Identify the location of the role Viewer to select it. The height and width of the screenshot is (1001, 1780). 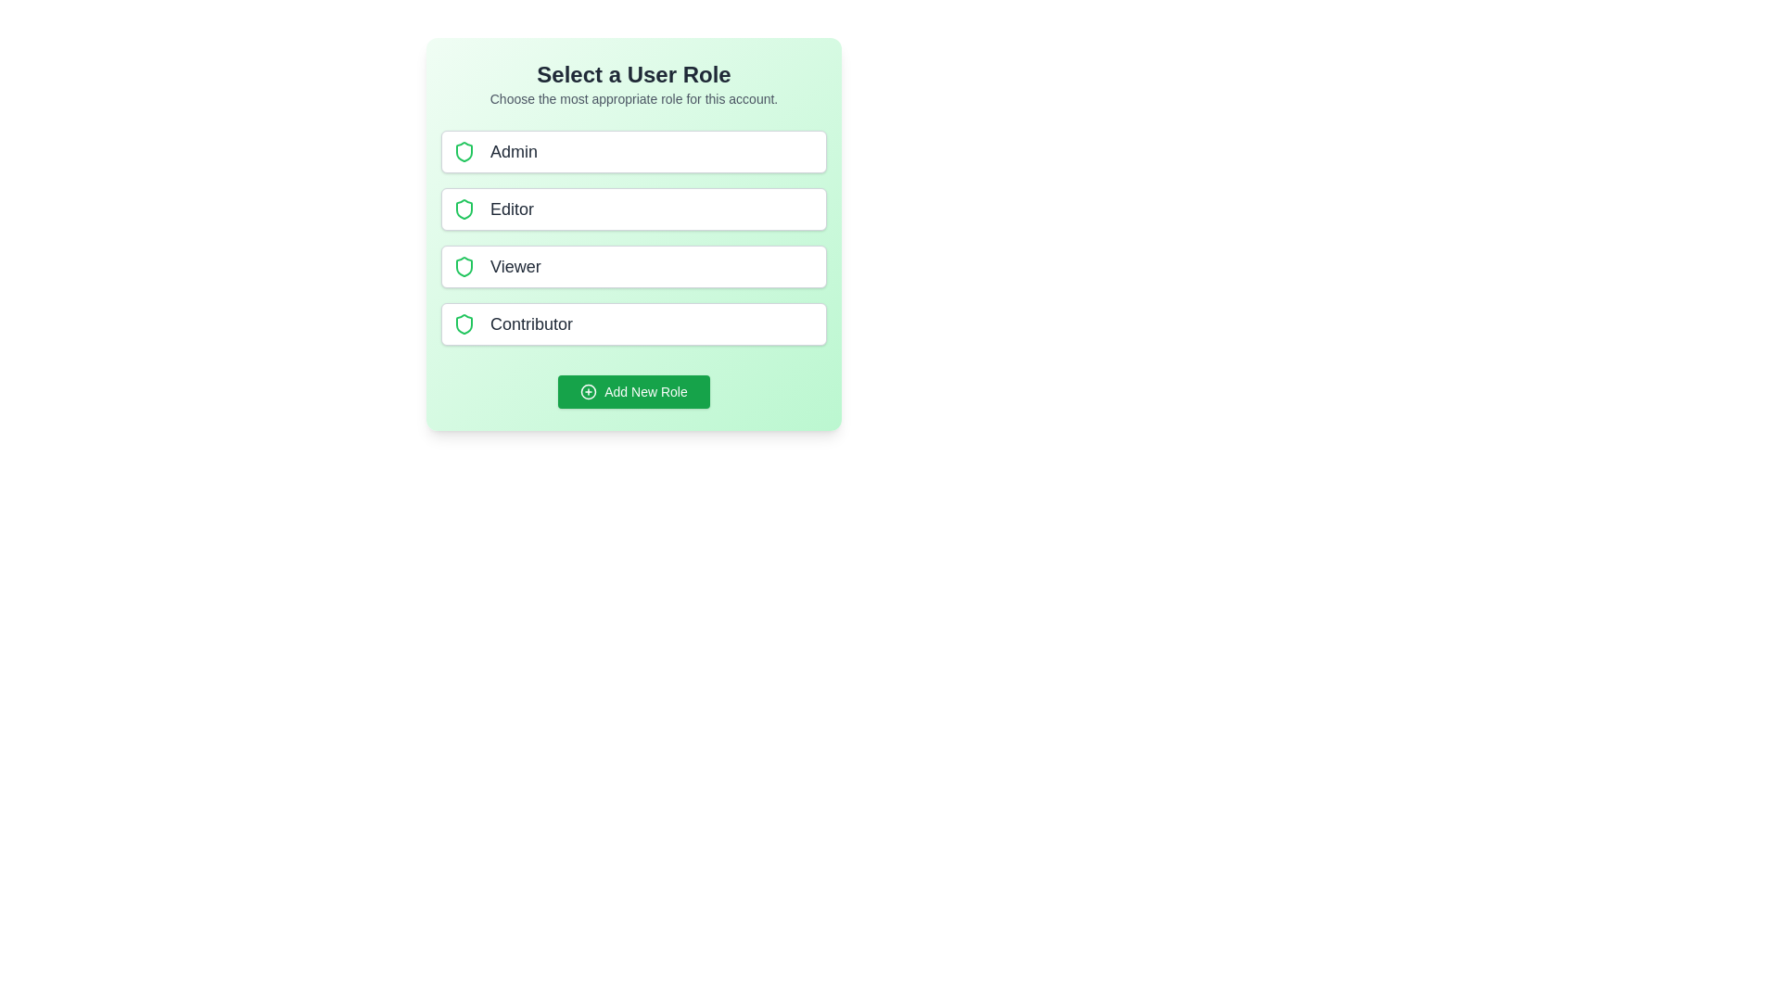
(634, 267).